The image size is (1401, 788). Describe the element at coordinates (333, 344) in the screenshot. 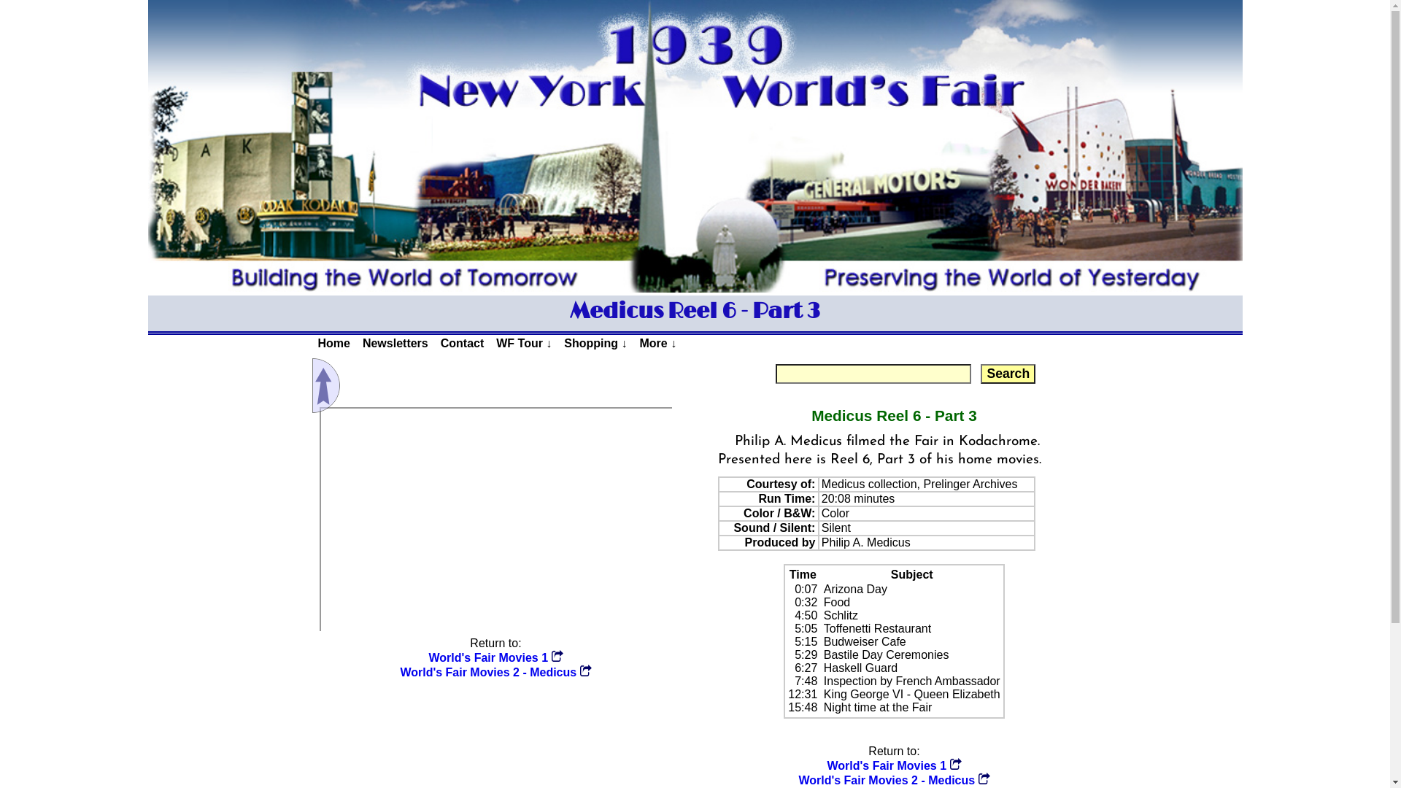

I see `'Home'` at that location.